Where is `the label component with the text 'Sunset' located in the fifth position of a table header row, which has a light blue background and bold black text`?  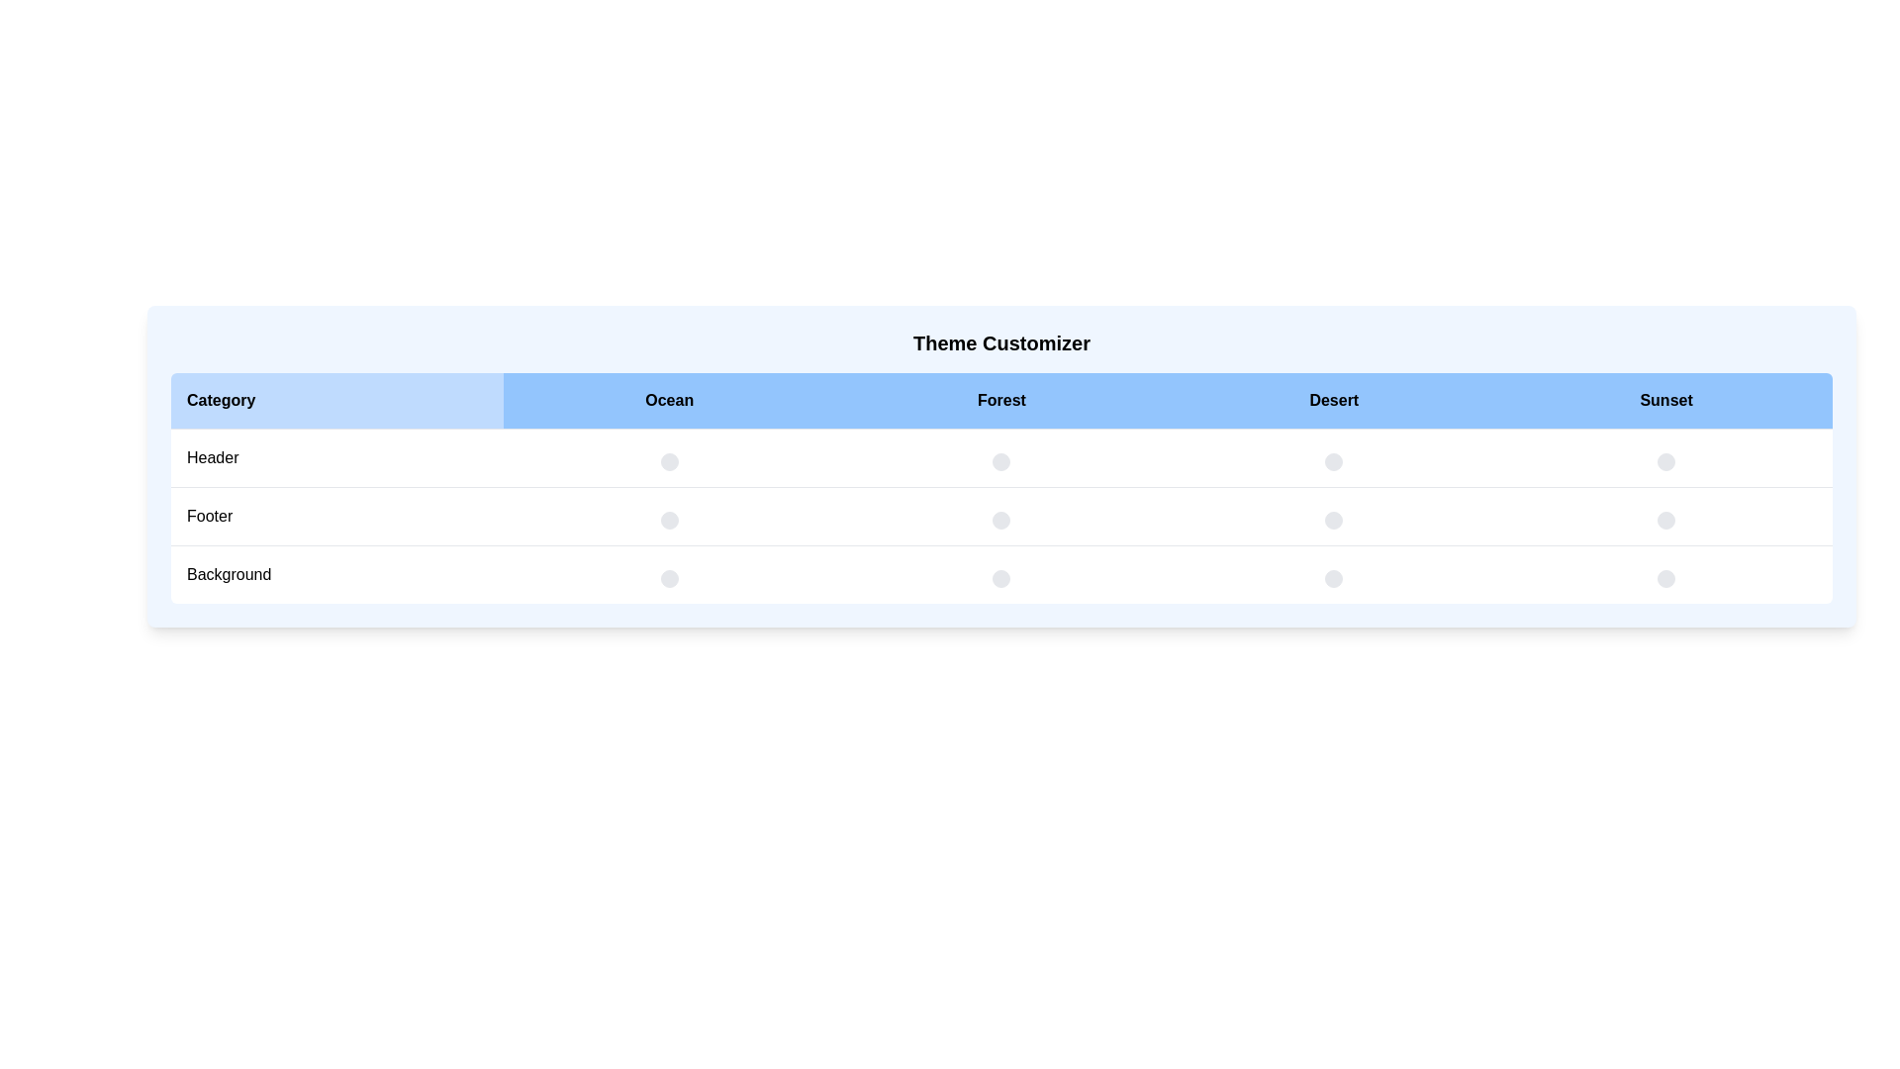 the label component with the text 'Sunset' located in the fifth position of a table header row, which has a light blue background and bold black text is located at coordinates (1665, 401).